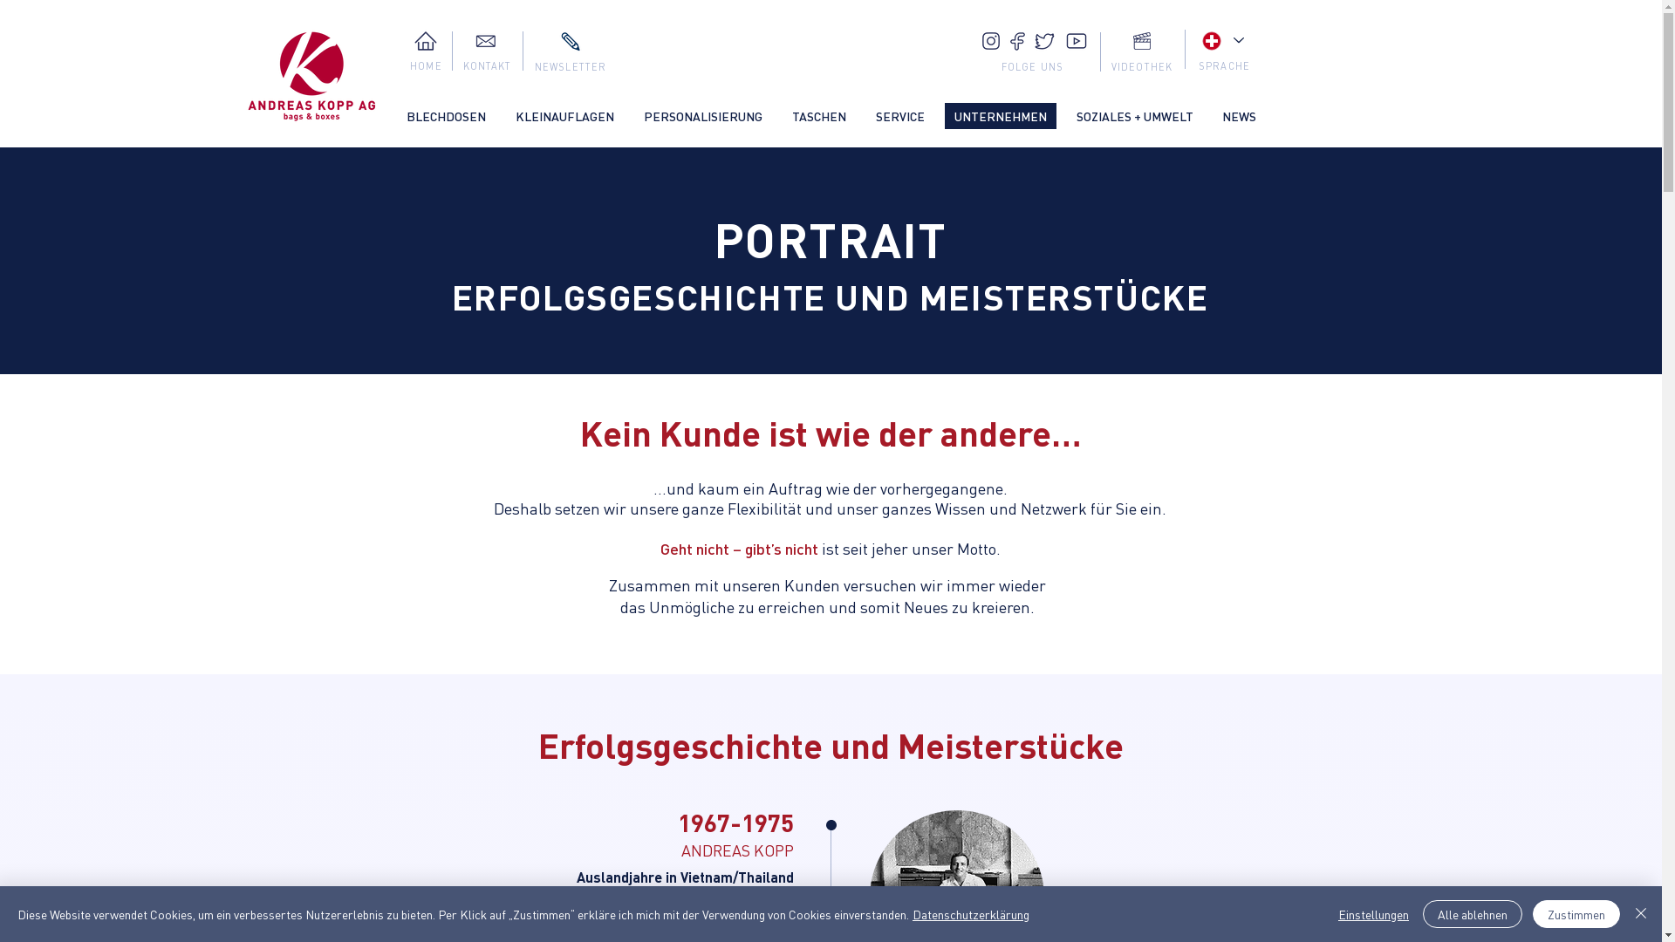 The width and height of the screenshot is (1675, 942). Describe the element at coordinates (311, 76) in the screenshot. I see `'ANDREAS KOPP AG'` at that location.